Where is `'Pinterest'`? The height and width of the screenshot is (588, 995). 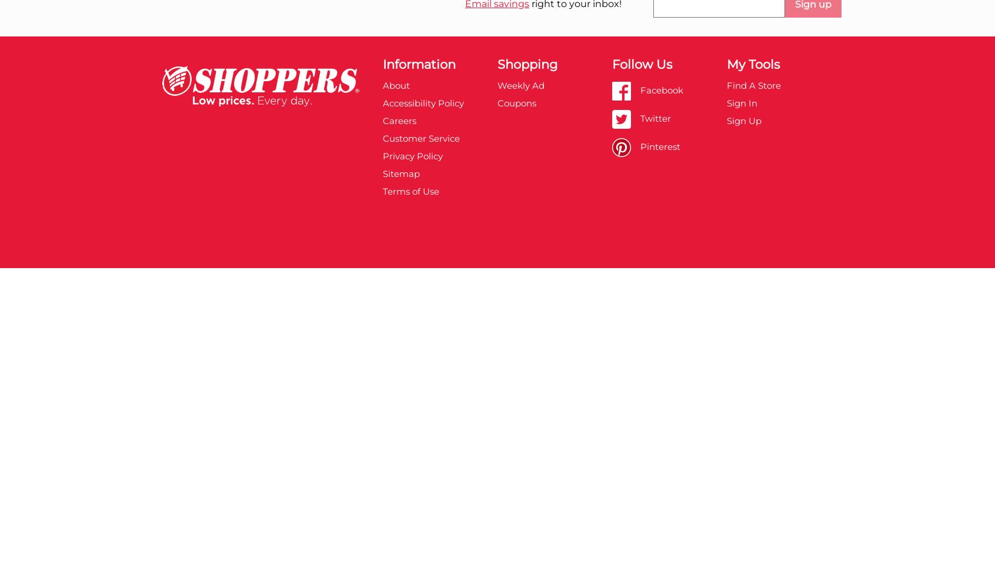 'Pinterest' is located at coordinates (659, 145).